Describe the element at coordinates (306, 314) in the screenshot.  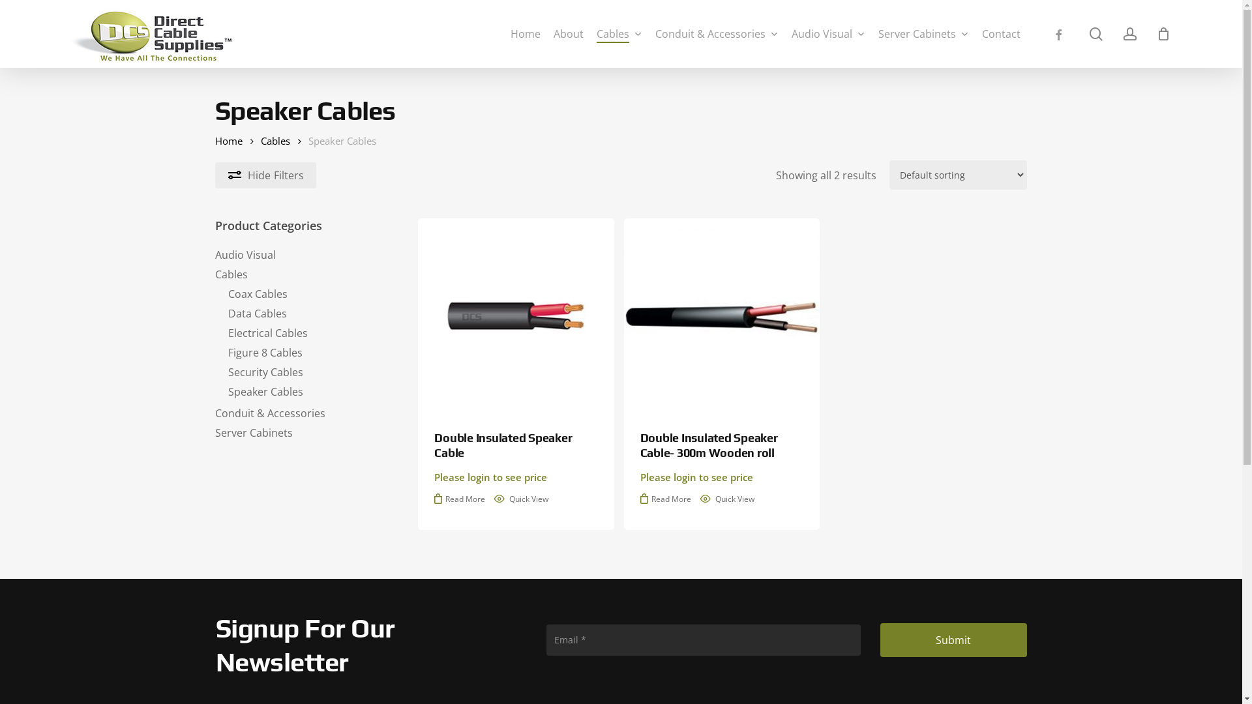
I see `'Data Cables'` at that location.